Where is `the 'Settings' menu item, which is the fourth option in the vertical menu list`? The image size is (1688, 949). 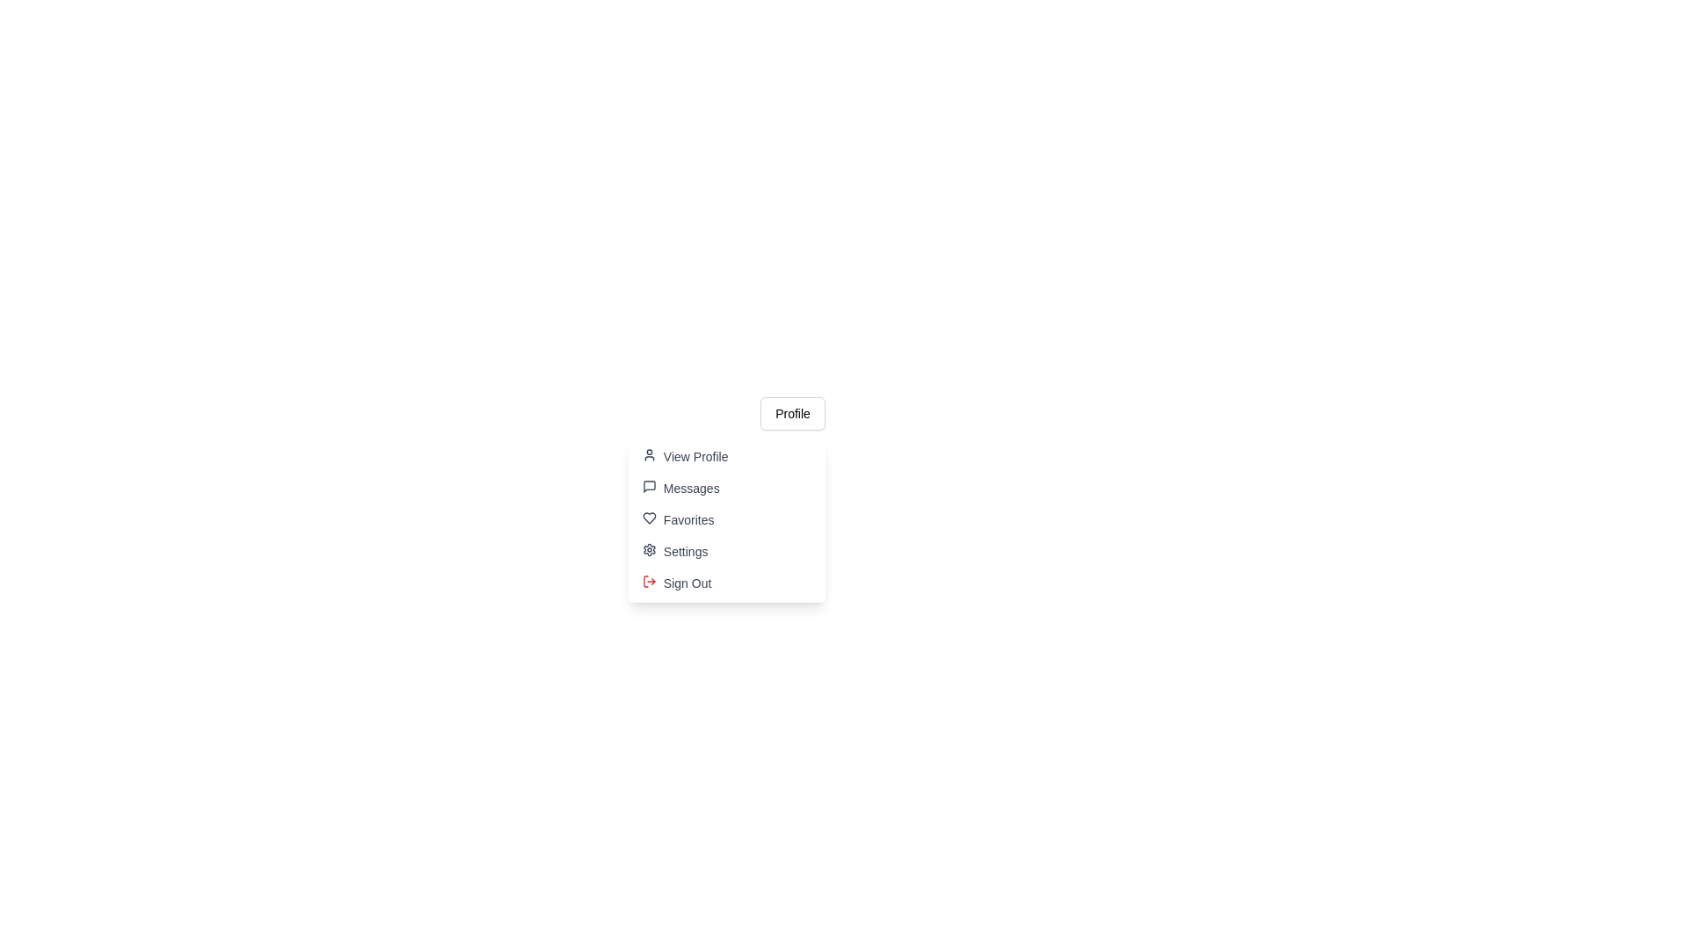
the 'Settings' menu item, which is the fourth option in the vertical menu list is located at coordinates (726, 551).